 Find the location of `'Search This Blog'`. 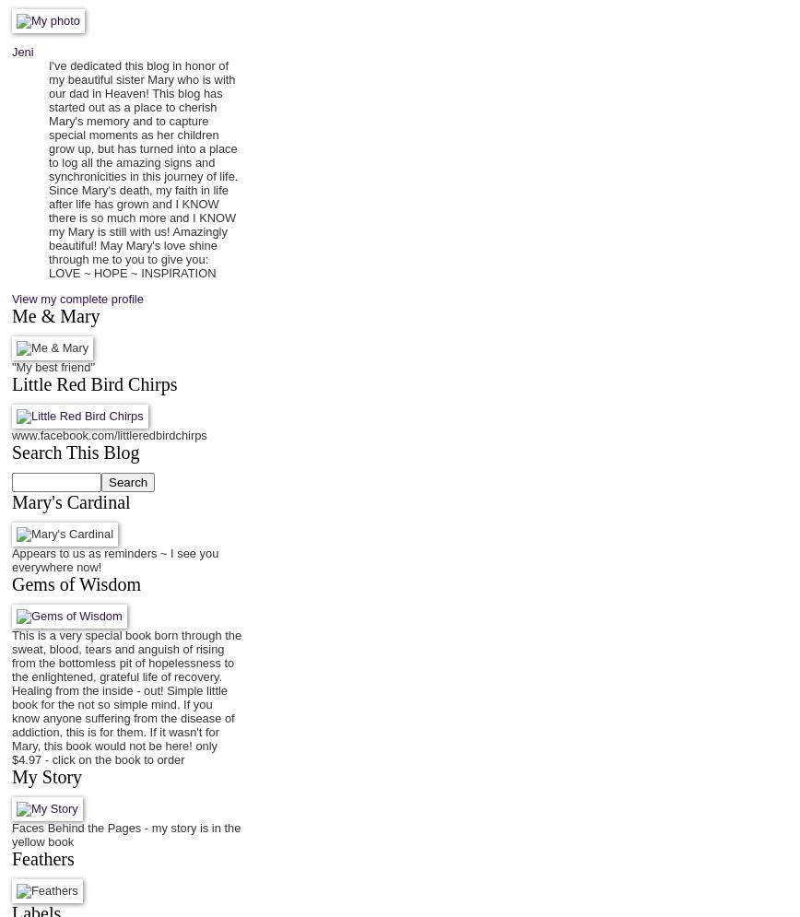

'Search This Blog' is located at coordinates (12, 452).